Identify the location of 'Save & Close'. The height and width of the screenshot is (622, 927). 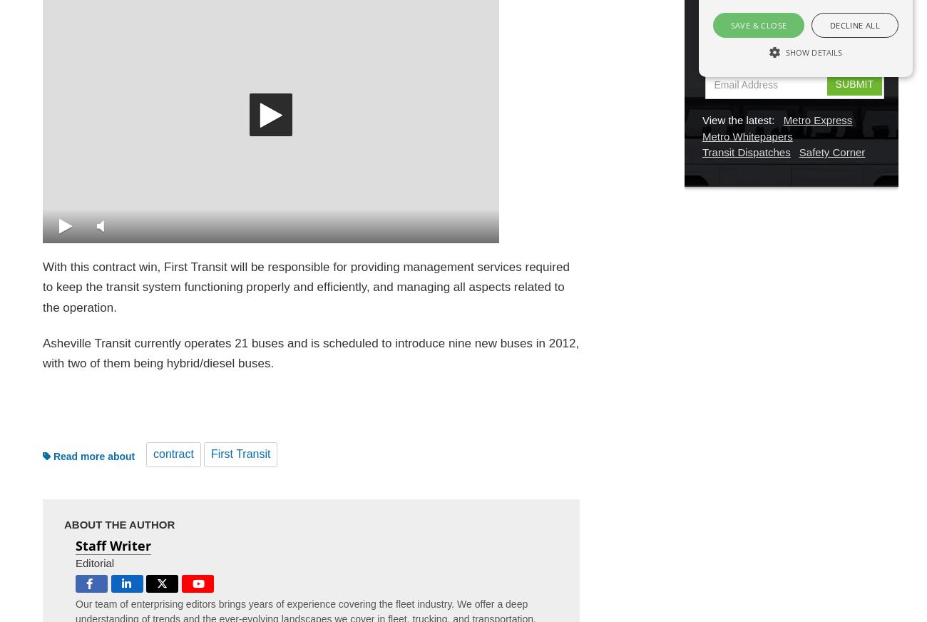
(758, 24).